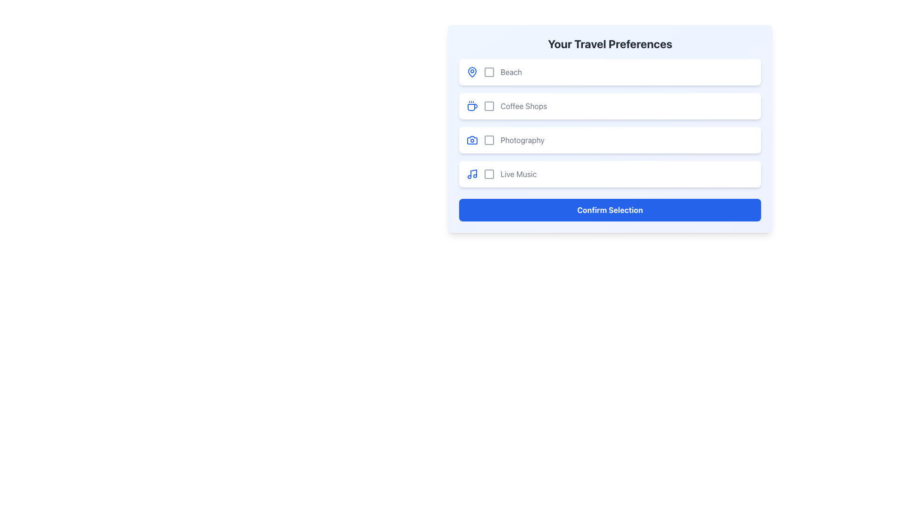 This screenshot has width=906, height=510. Describe the element at coordinates (489, 140) in the screenshot. I see `the checkbox for 'Photography', which is the third checkbox` at that location.